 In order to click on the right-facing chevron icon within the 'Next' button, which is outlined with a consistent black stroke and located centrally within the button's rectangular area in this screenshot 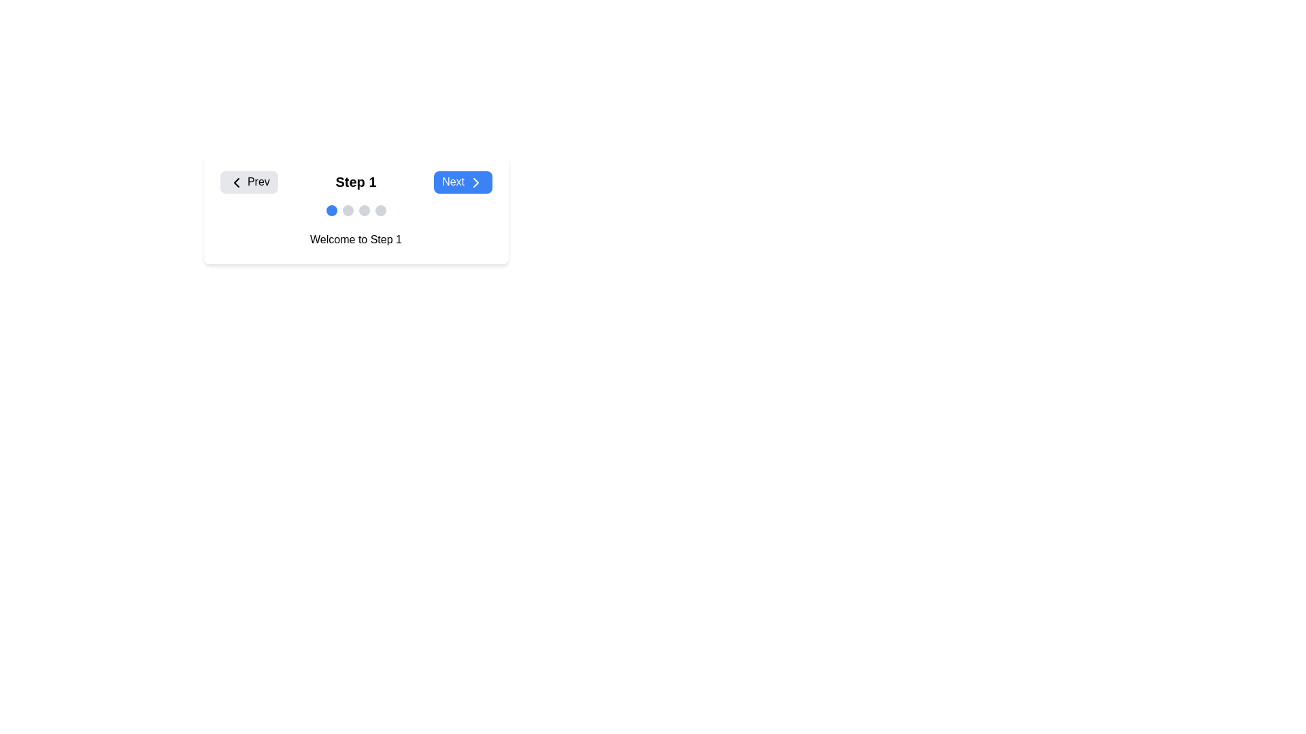, I will do `click(475, 181)`.